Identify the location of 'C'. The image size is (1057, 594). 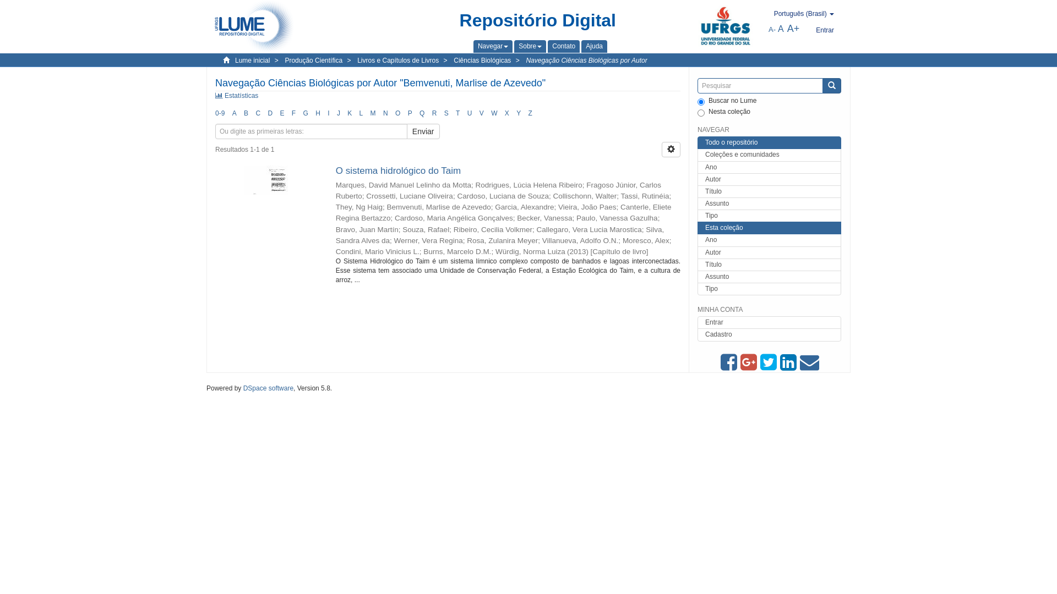
(257, 113).